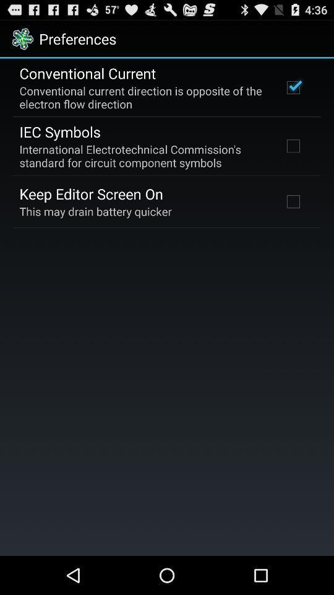  Describe the element at coordinates (95, 211) in the screenshot. I see `this may drain icon` at that location.